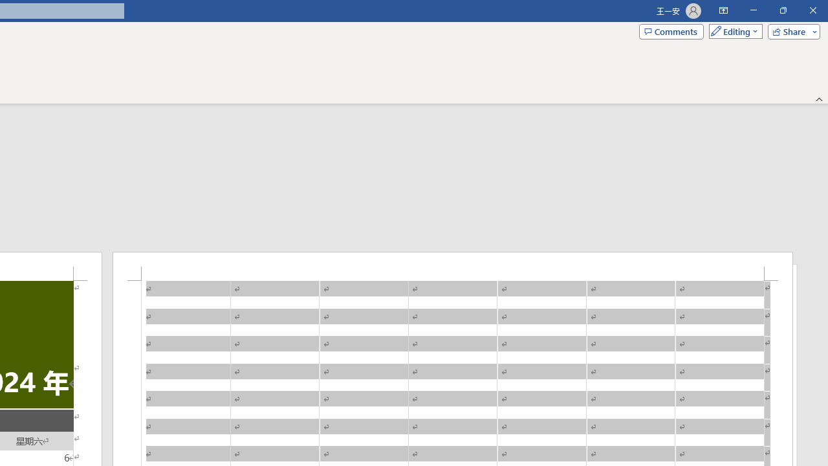 The width and height of the screenshot is (828, 466). What do you see at coordinates (753, 10) in the screenshot?
I see `'Minimize'` at bounding box center [753, 10].